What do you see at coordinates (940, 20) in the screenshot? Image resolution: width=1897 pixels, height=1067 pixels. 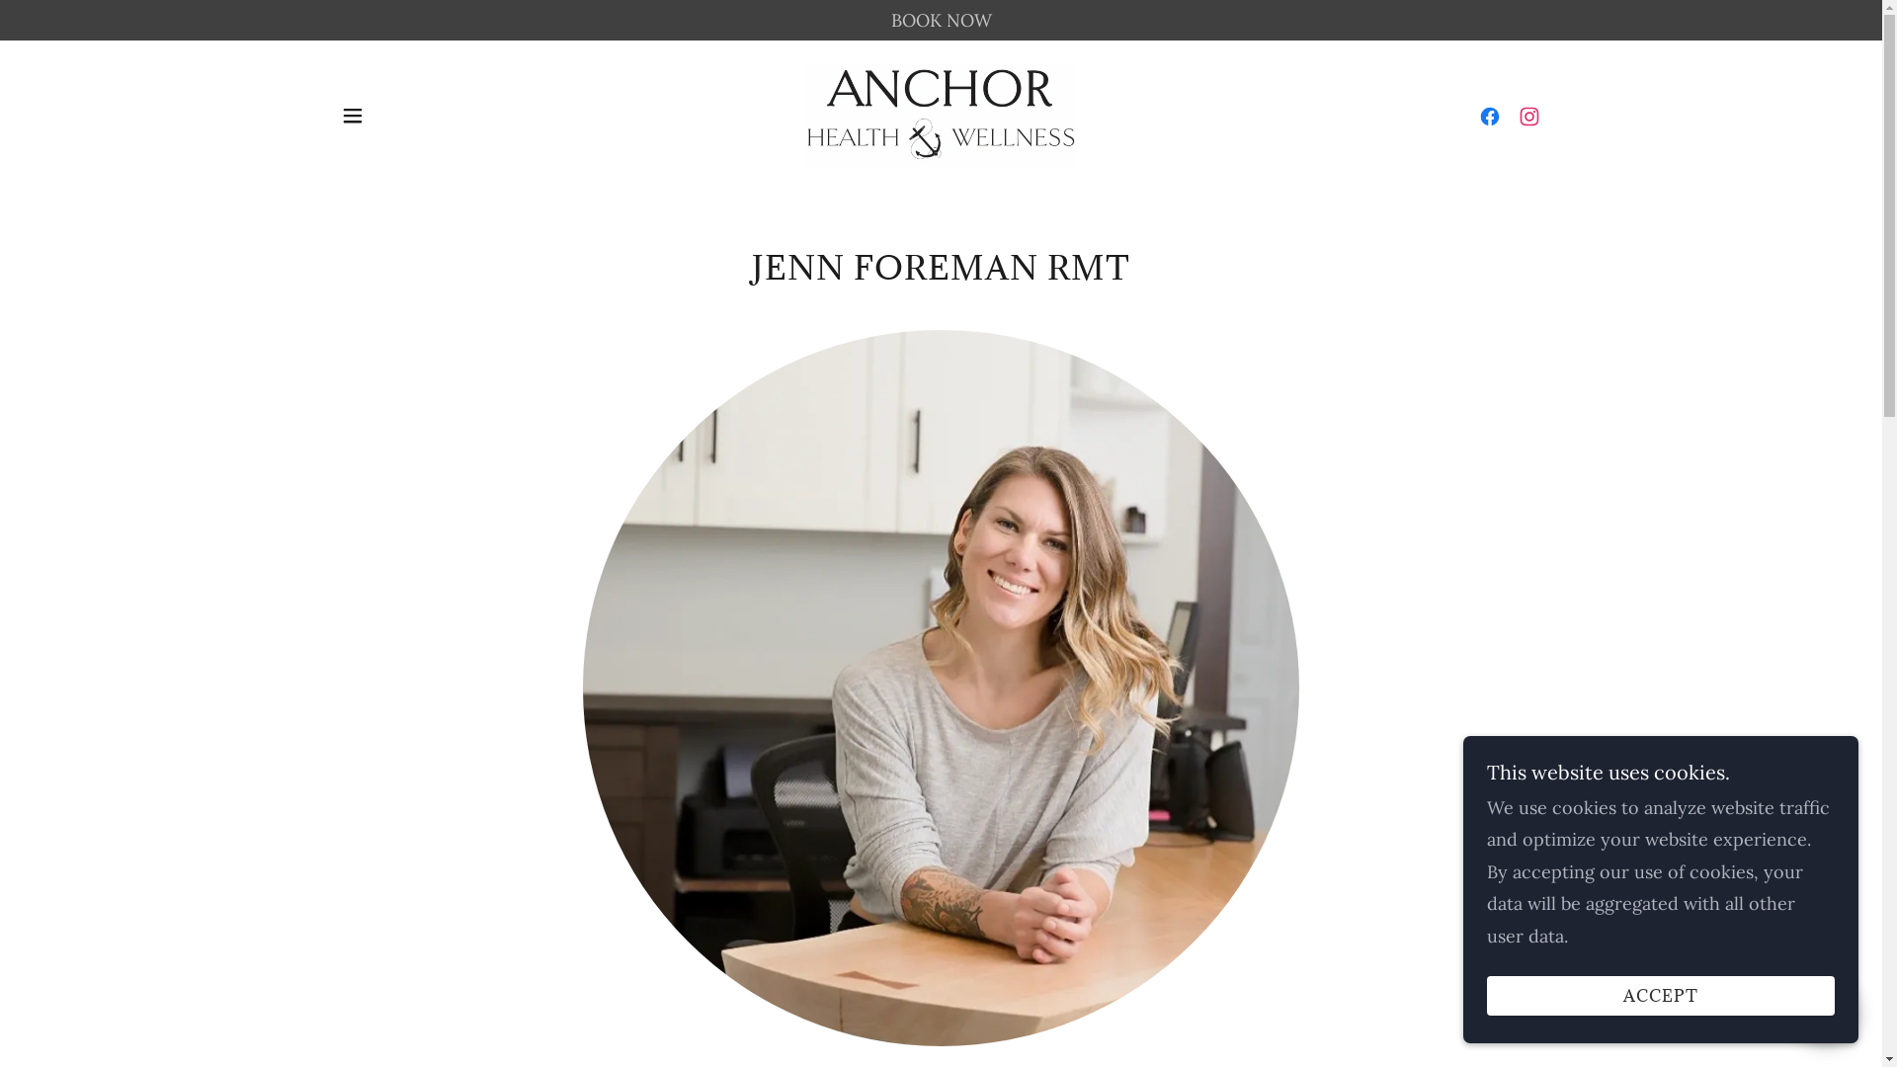 I see `'BOOK NOW'` at bounding box center [940, 20].